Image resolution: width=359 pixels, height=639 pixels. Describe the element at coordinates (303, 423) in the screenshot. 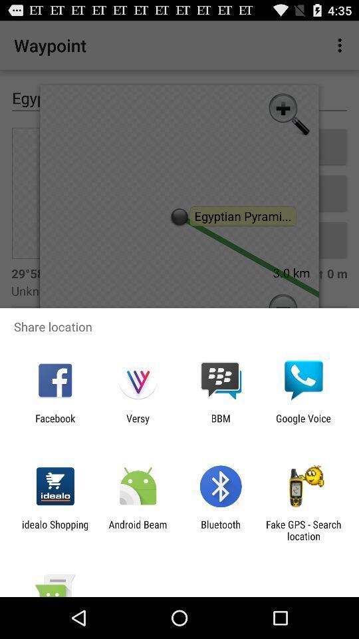

I see `icon next to bbm item` at that location.